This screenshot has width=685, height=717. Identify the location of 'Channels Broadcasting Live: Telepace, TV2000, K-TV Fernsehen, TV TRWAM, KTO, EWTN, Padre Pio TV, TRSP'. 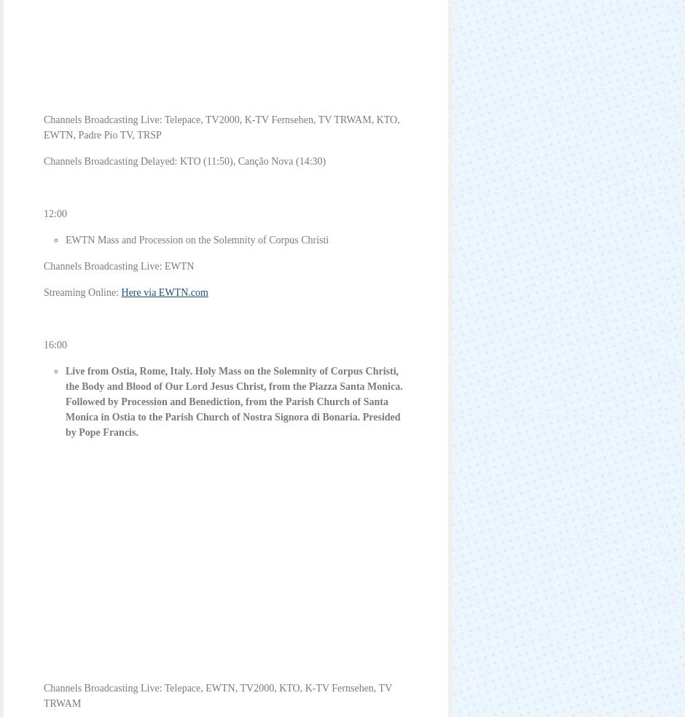
(220, 127).